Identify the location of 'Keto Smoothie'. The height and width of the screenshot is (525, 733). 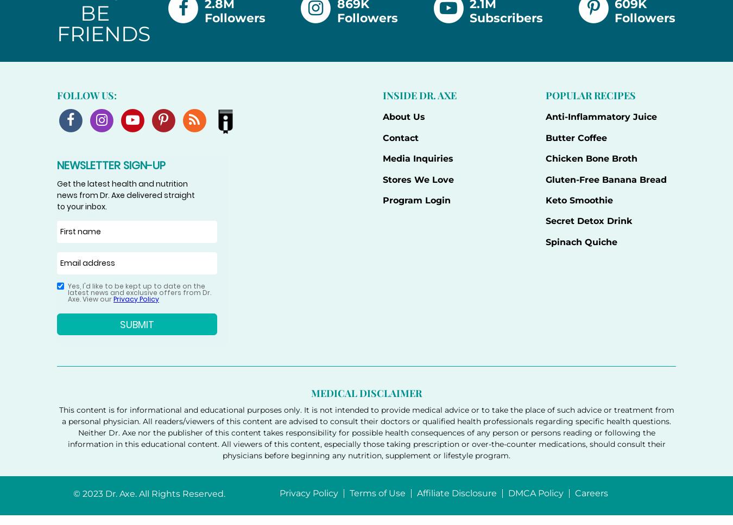
(578, 199).